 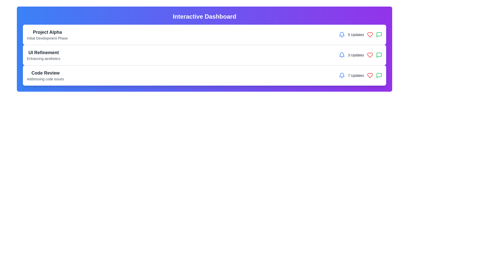 What do you see at coordinates (370, 76) in the screenshot?
I see `the third heart-shaped icon filled with red color, which is marked as selected` at bounding box center [370, 76].